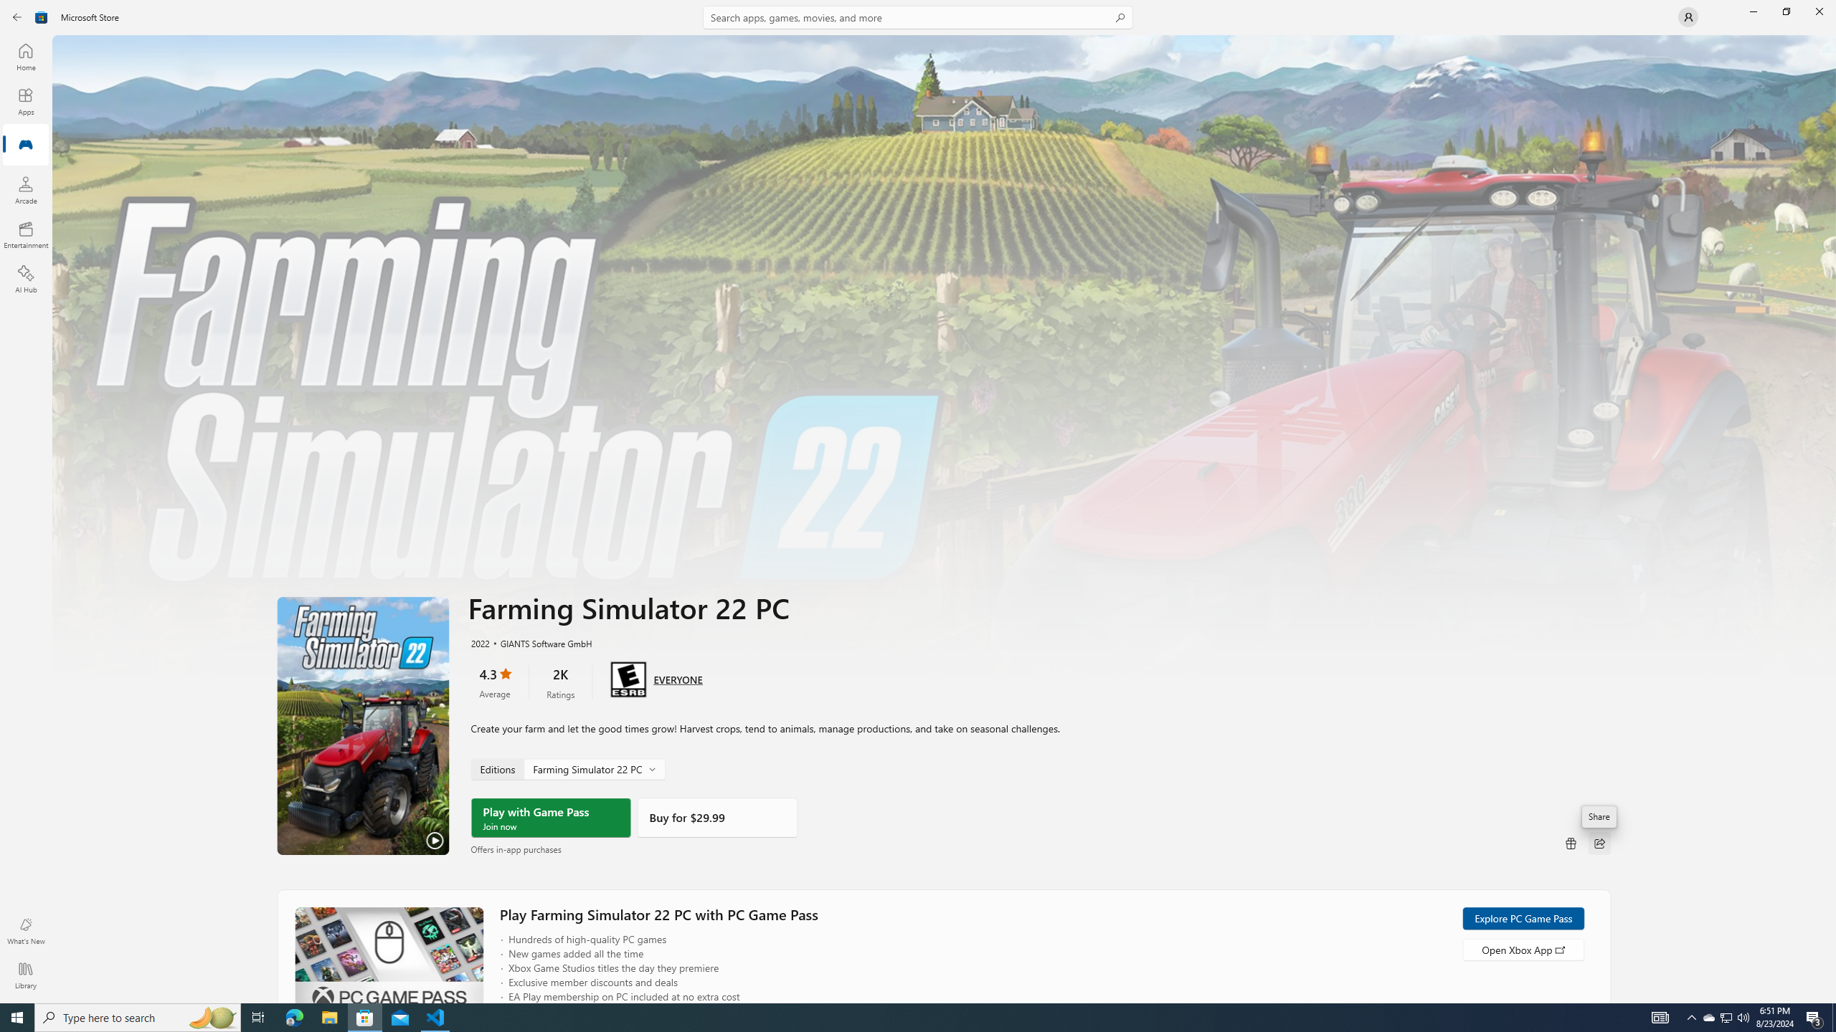 The width and height of the screenshot is (1836, 1032). Describe the element at coordinates (716, 818) in the screenshot. I see `'Buy'` at that location.